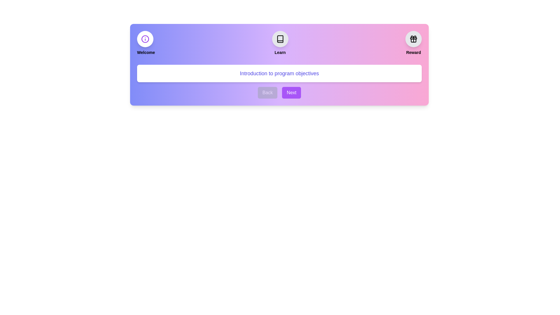 The height and width of the screenshot is (315, 560). Describe the element at coordinates (280, 39) in the screenshot. I see `the step icon for Learn to view its details` at that location.